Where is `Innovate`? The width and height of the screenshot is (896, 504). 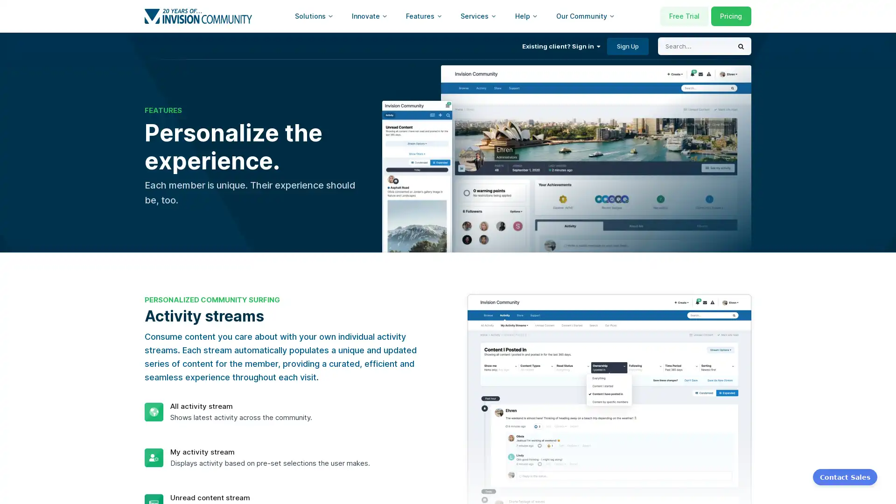
Innovate is located at coordinates (369, 16).